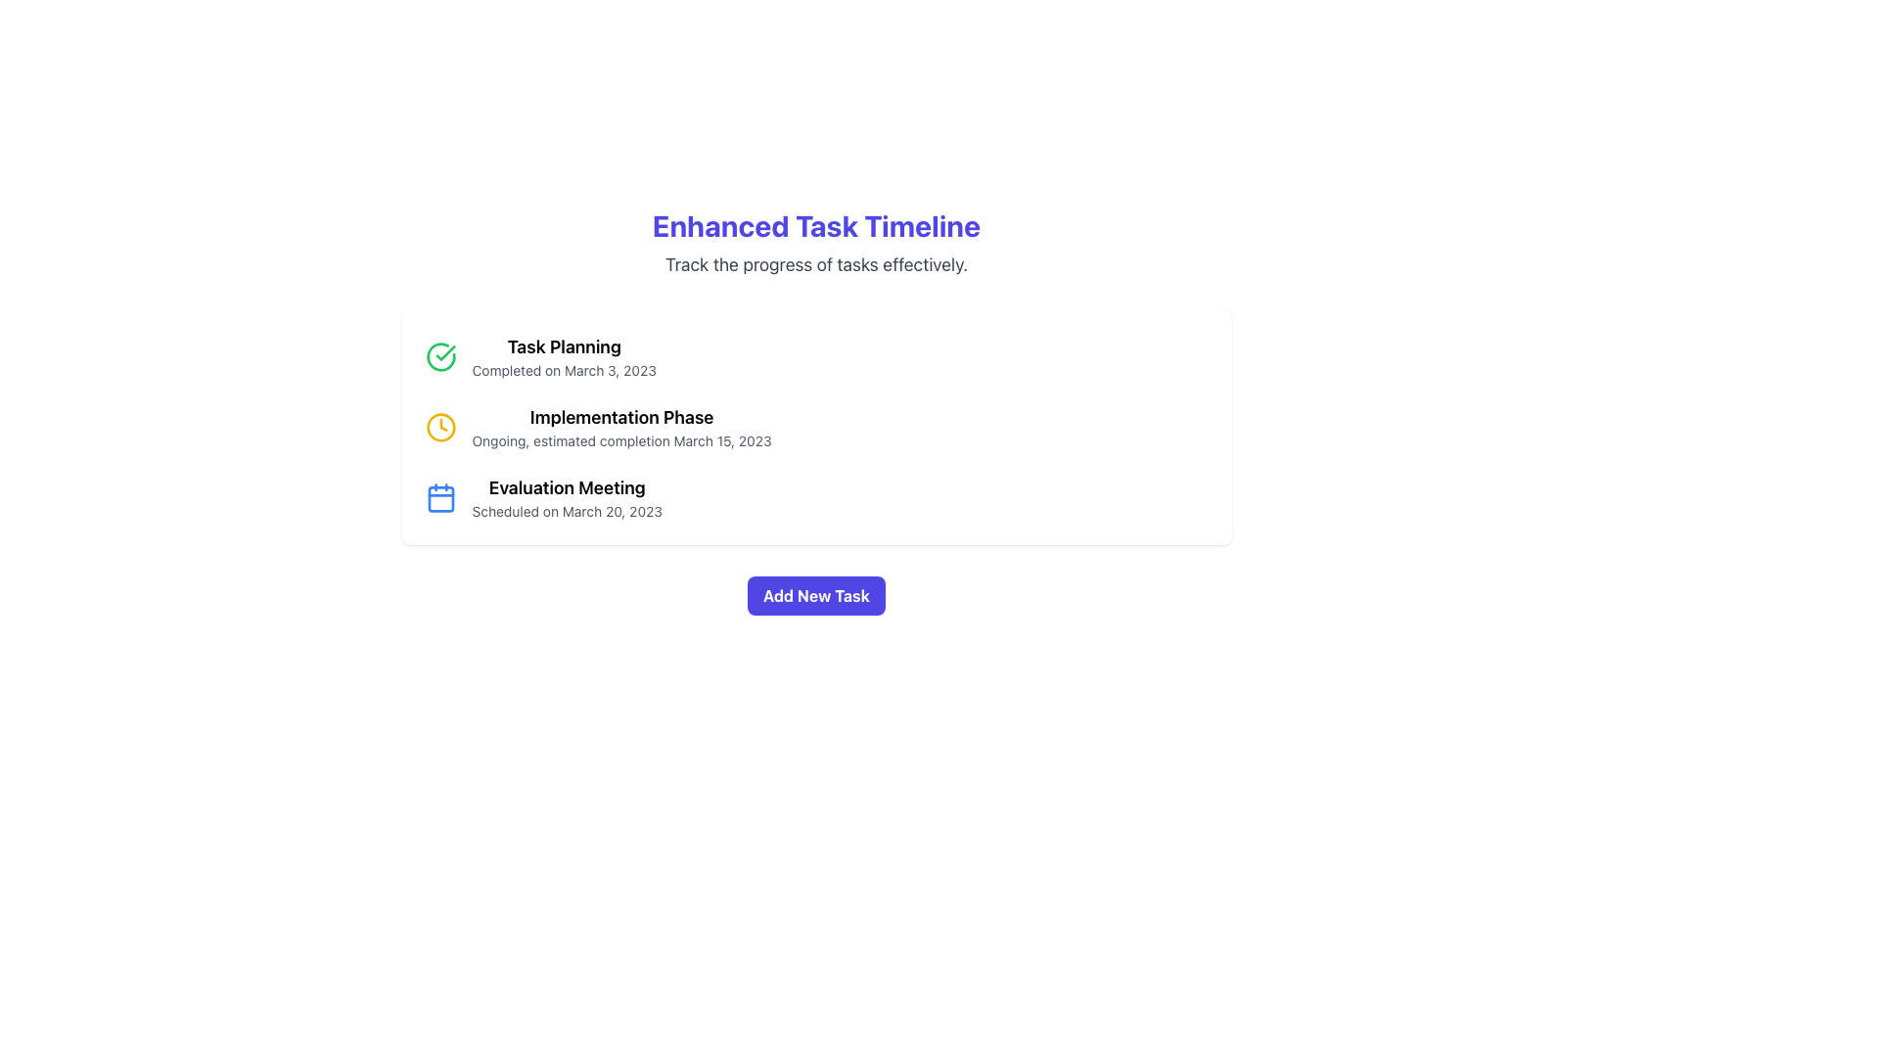 The width and height of the screenshot is (1879, 1057). What do you see at coordinates (816, 225) in the screenshot?
I see `the heading 'Enhanced Task Timeline', which is styled in a bold, large indigo font and is located at the top-center of the interface` at bounding box center [816, 225].